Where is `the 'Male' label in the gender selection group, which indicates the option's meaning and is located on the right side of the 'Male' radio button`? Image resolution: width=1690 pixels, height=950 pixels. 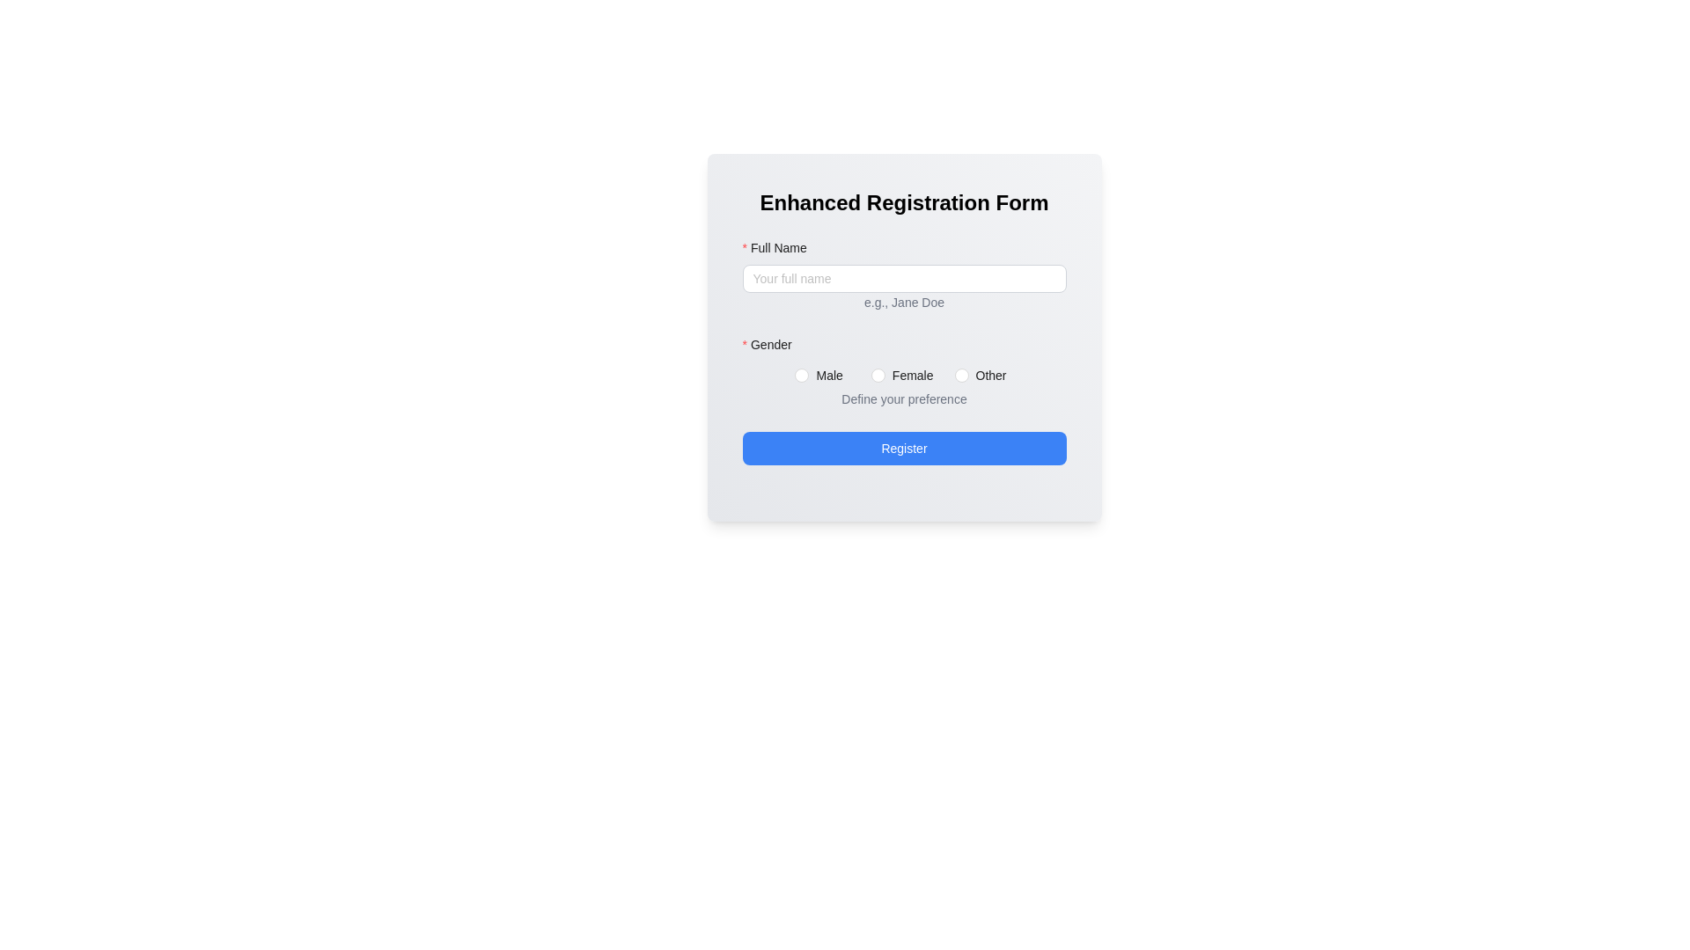
the 'Male' label in the gender selection group, which indicates the option's meaning and is located on the right side of the 'Male' radio button is located at coordinates (828, 375).